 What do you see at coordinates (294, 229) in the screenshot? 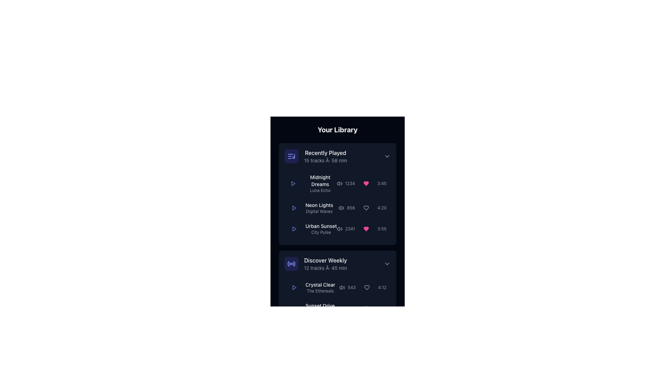
I see `the play button icon within the circular button in the 'Recently Played' section to activate hover effects for the song 'Urban Sunset' by 'City Pulse'` at bounding box center [294, 229].